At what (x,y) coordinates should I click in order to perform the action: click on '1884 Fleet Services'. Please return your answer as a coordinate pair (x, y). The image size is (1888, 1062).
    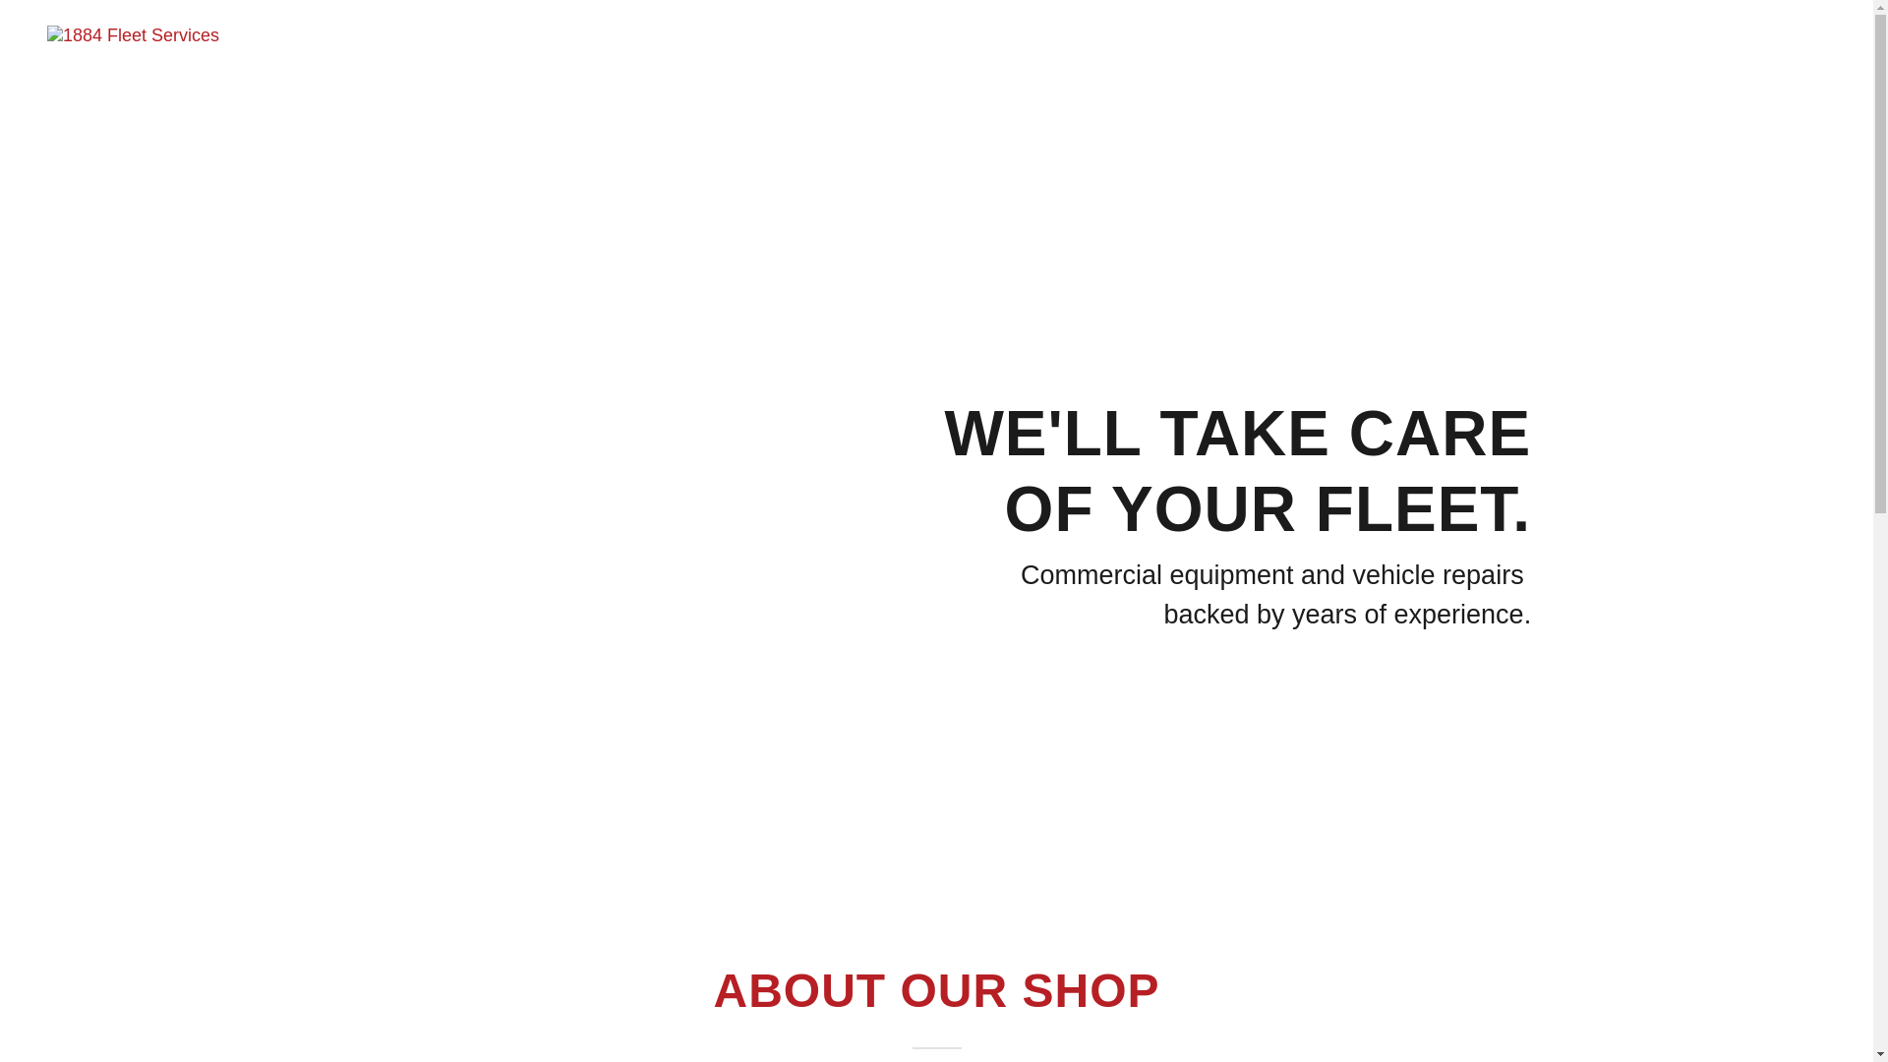
    Looking at the image, I should click on (47, 33).